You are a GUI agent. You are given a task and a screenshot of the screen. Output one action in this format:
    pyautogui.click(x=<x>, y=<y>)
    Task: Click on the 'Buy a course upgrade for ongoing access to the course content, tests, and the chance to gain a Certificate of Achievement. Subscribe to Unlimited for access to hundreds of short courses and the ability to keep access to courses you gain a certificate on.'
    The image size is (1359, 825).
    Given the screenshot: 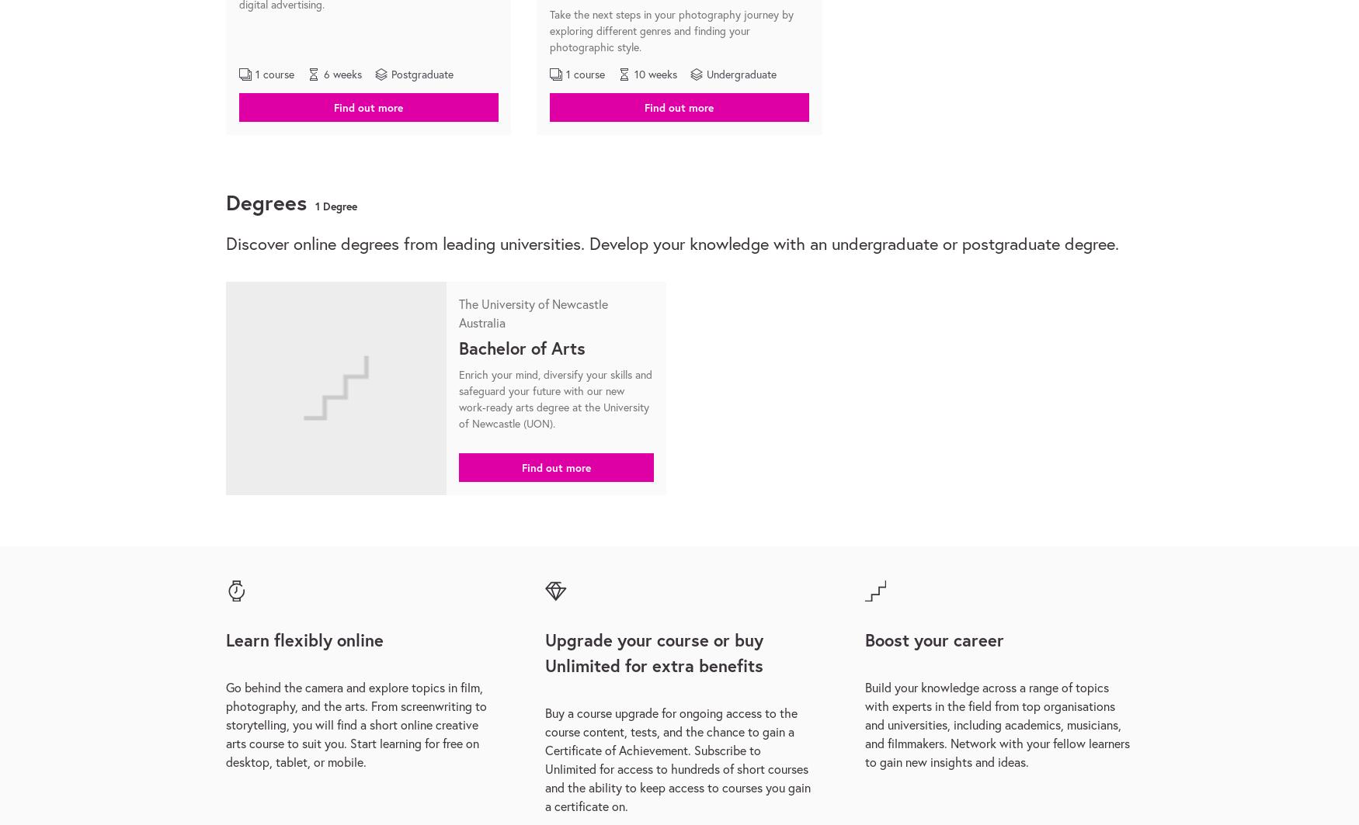 What is the action you would take?
    pyautogui.click(x=678, y=758)
    